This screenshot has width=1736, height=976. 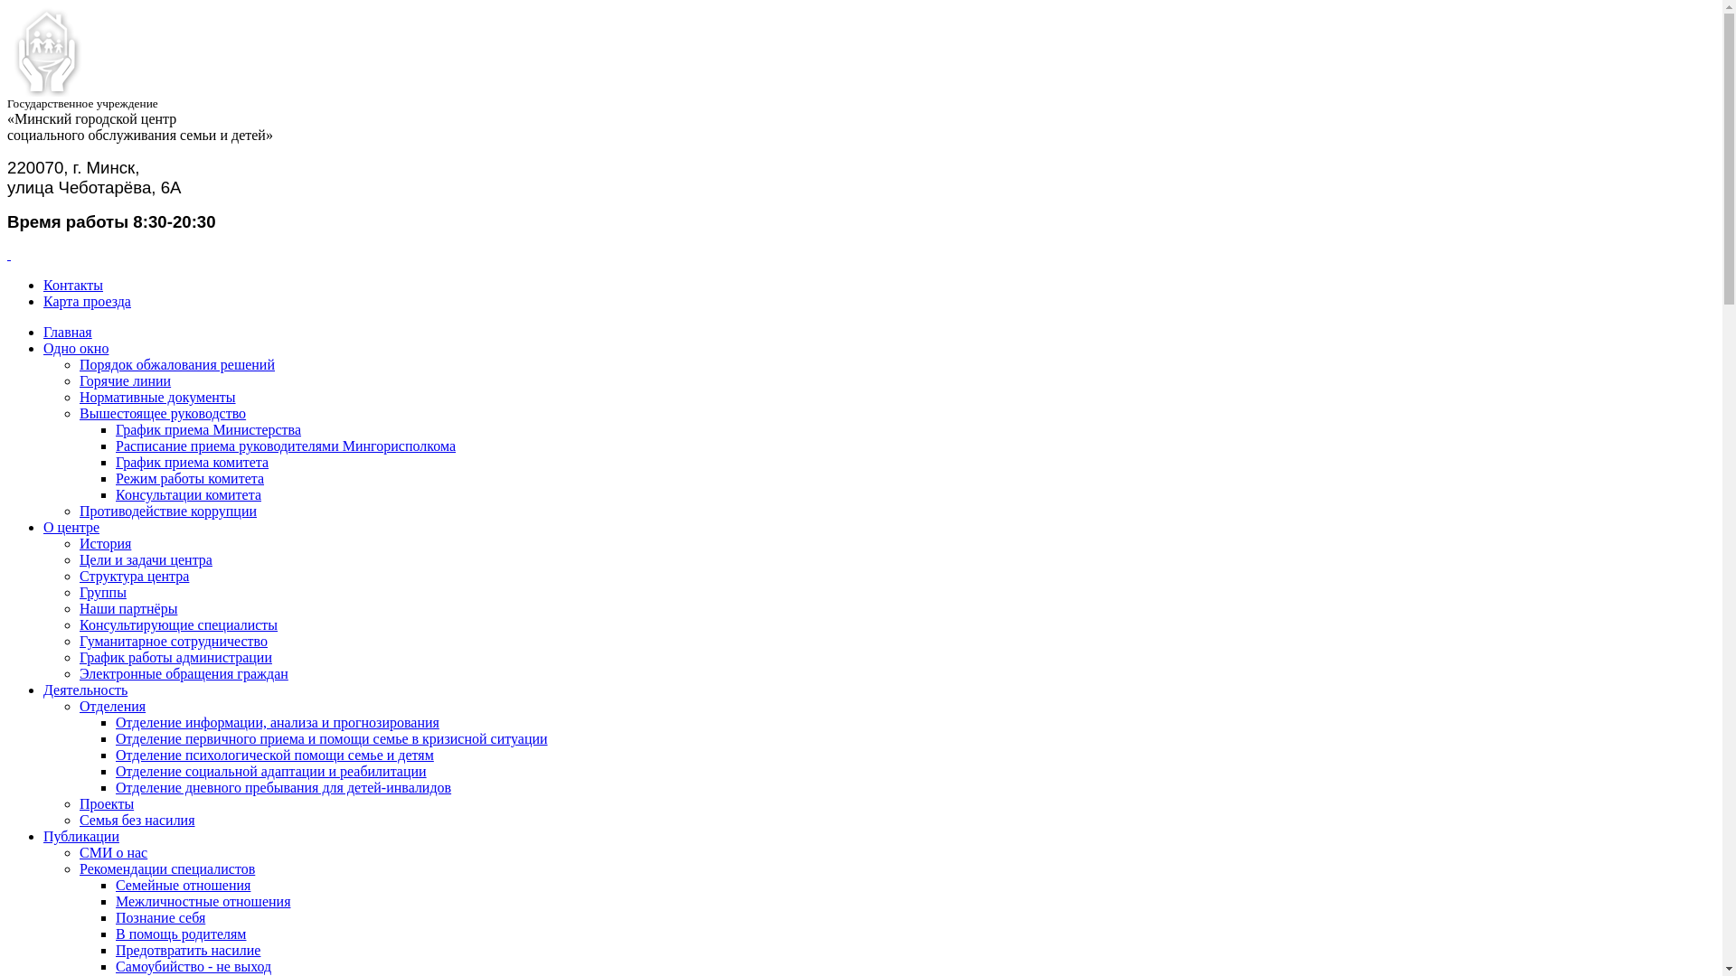 What do you see at coordinates (7, 254) in the screenshot?
I see `' '` at bounding box center [7, 254].